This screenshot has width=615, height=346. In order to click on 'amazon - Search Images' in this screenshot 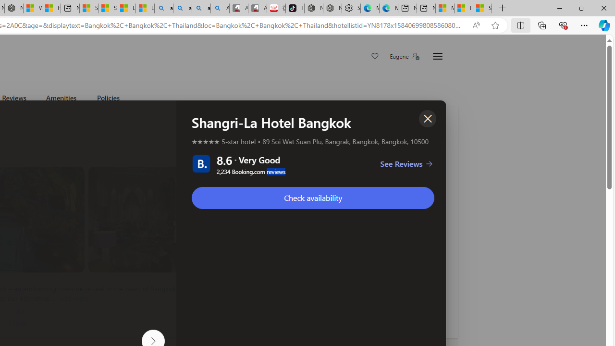, I will do `click(200, 8)`.